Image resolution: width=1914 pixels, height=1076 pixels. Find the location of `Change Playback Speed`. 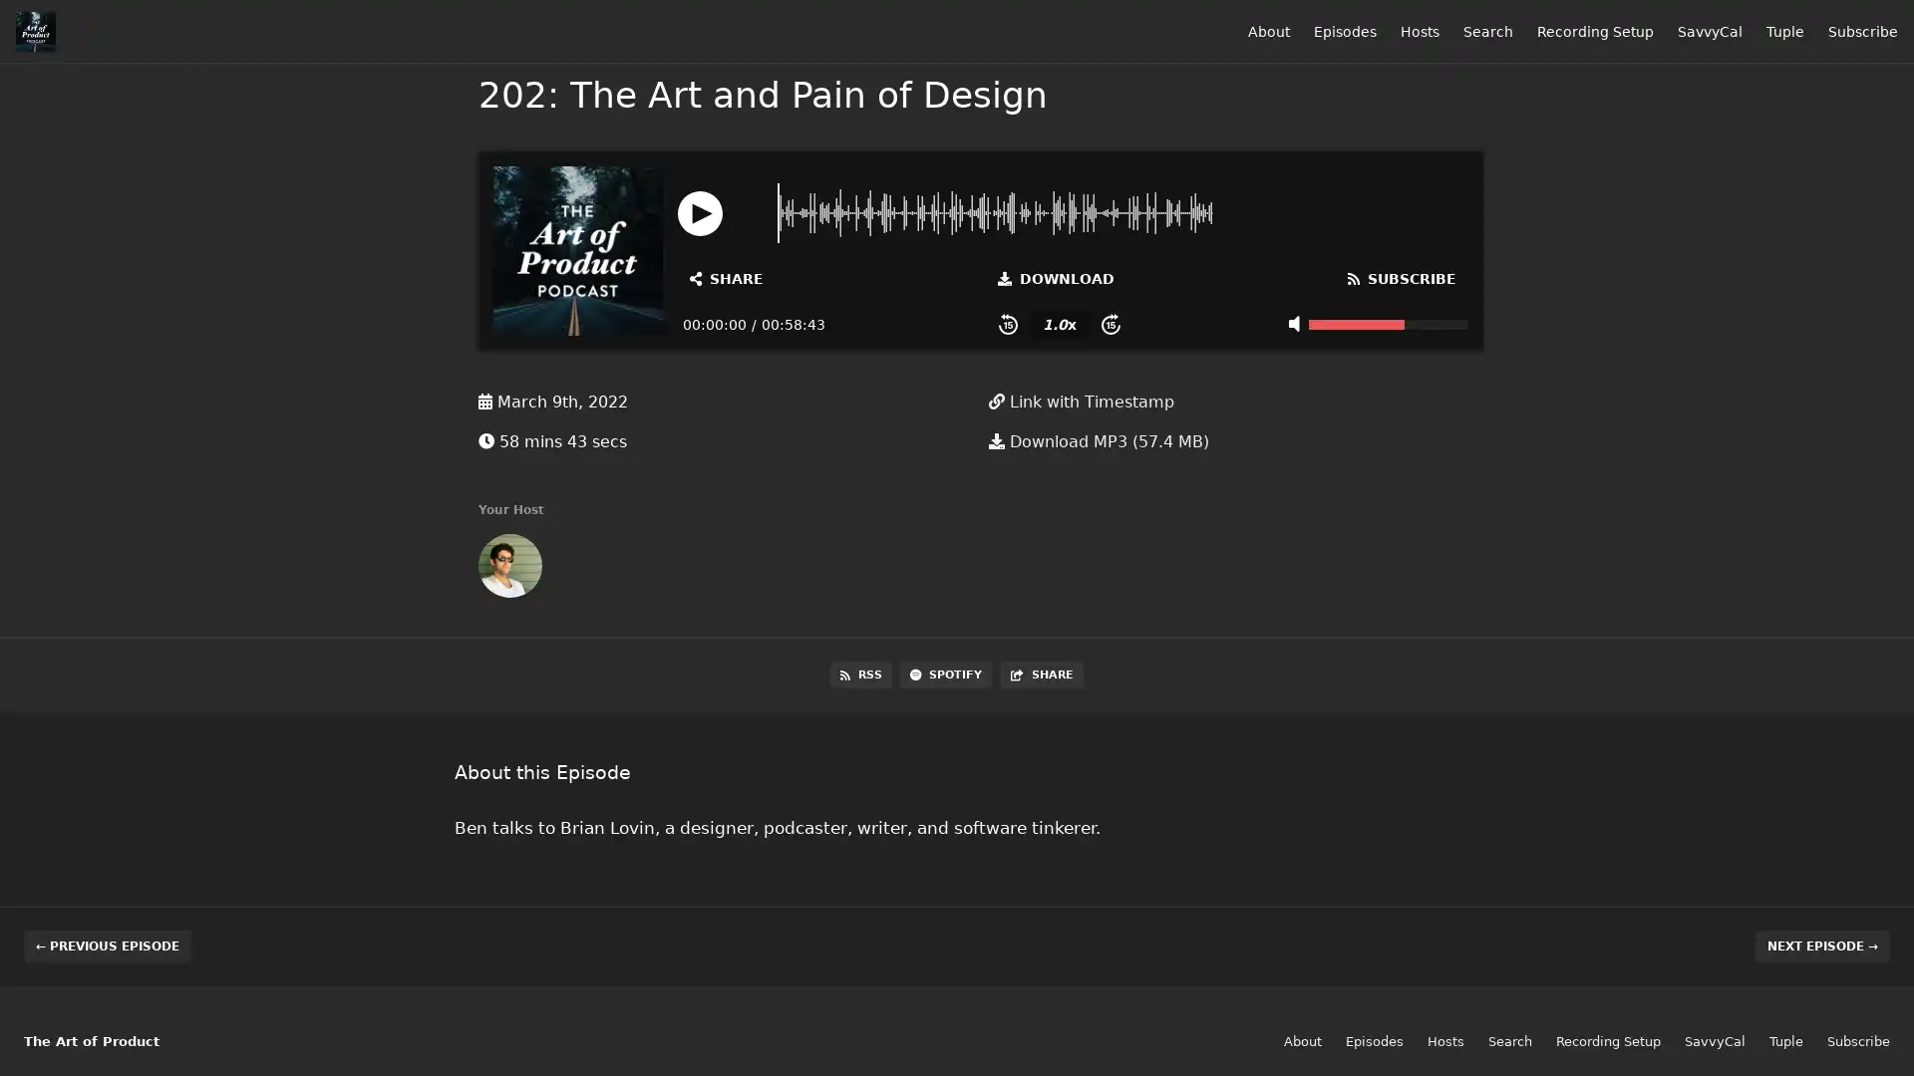

Change Playback Speed is located at coordinates (1058, 322).